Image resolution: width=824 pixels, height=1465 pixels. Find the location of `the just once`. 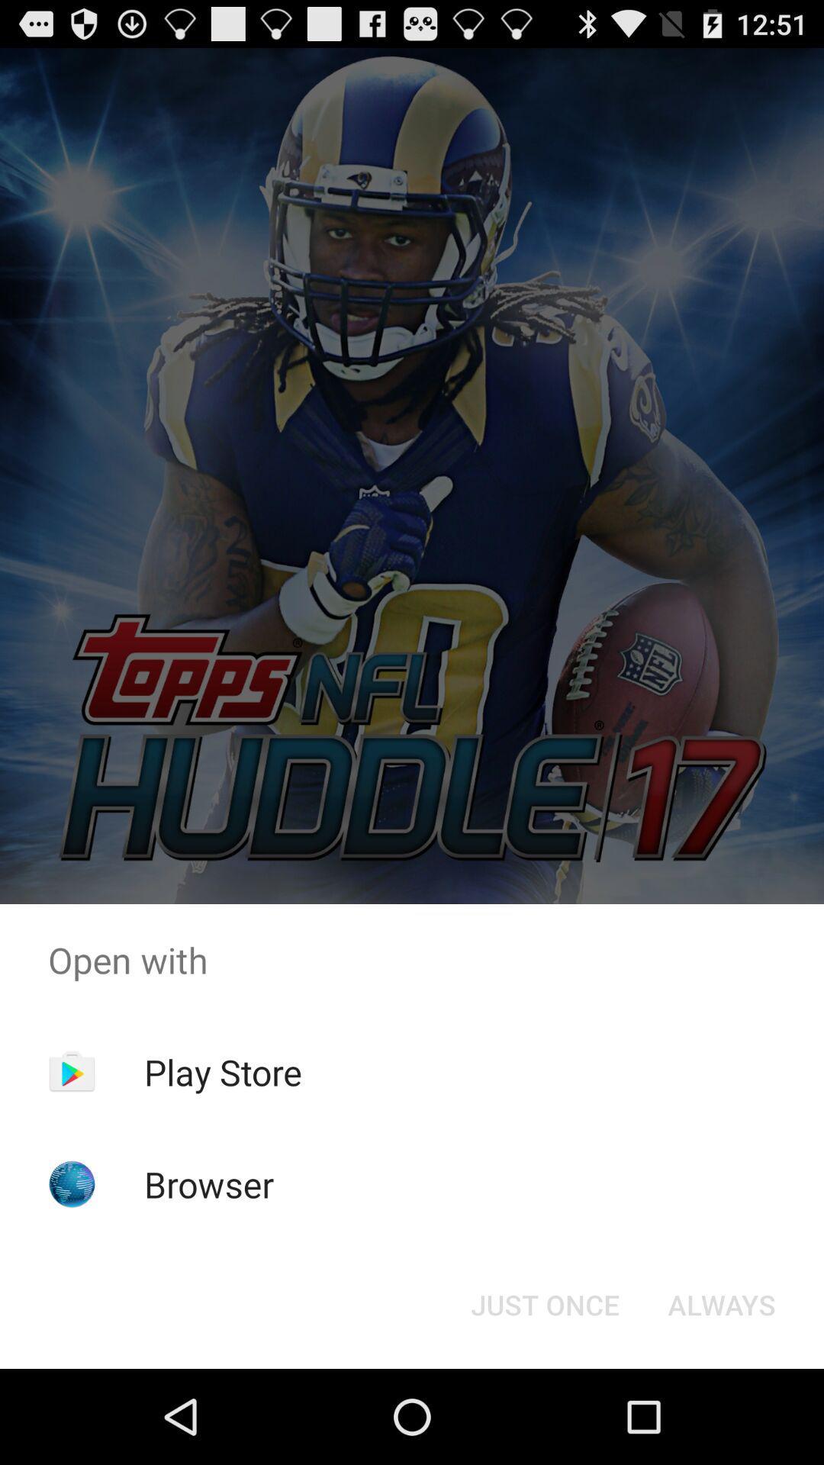

the just once is located at coordinates (544, 1303).